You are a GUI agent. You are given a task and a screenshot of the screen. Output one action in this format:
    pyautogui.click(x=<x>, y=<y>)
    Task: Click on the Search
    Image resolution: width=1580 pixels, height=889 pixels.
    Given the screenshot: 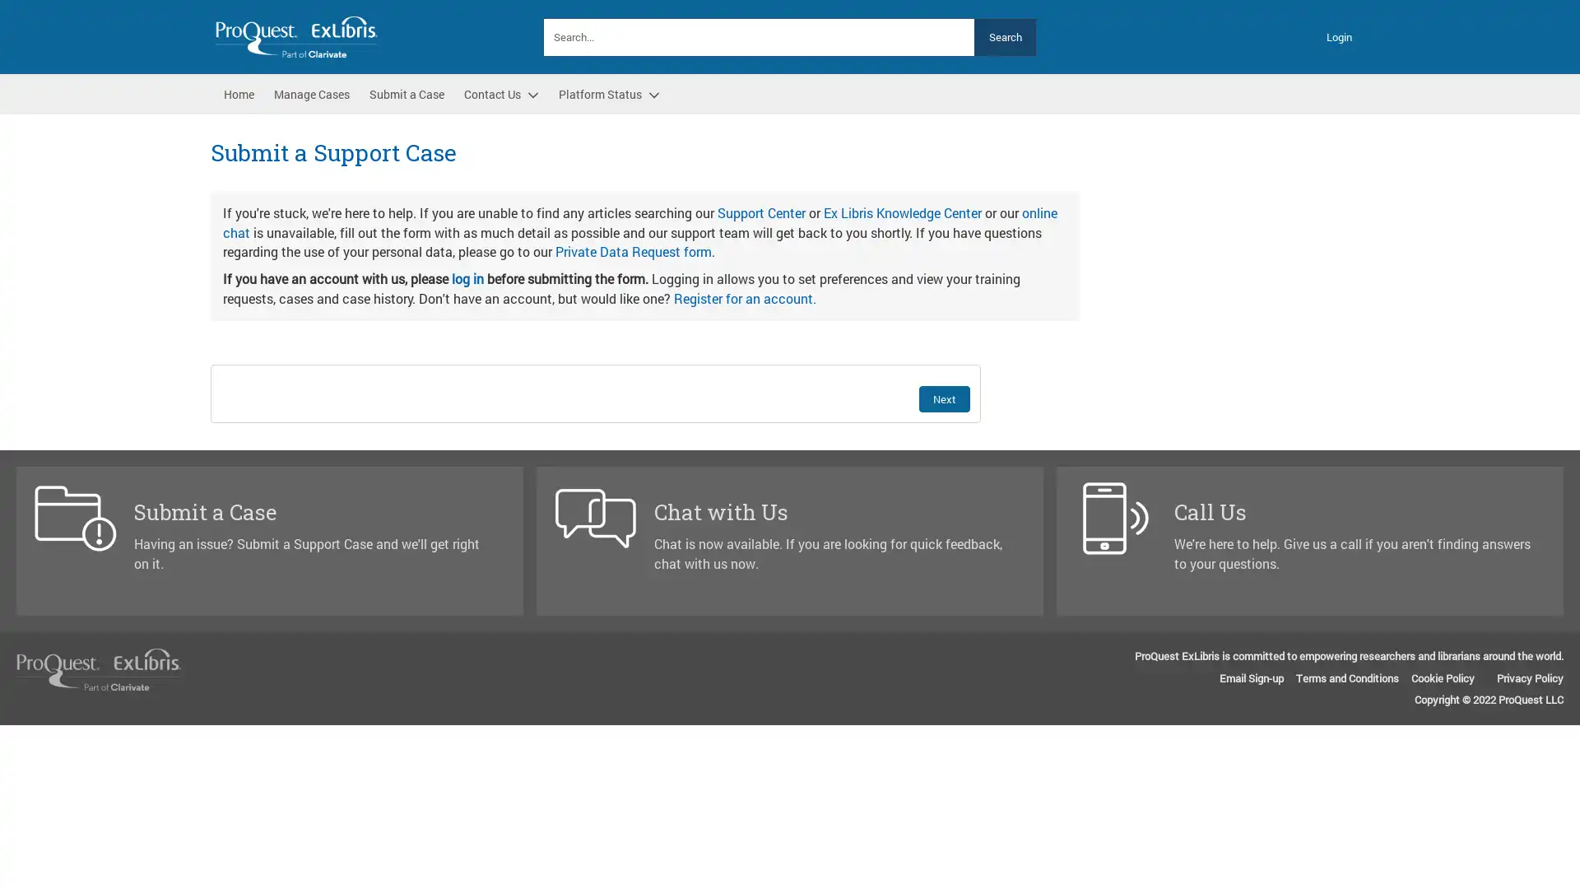 What is the action you would take?
    pyautogui.click(x=1004, y=36)
    